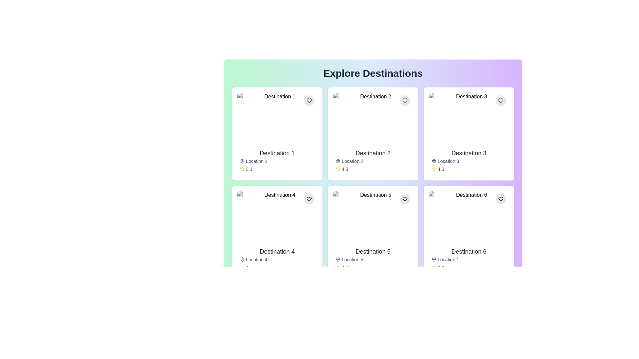  I want to click on the prominent header text displaying 'Explore Destinations' which is styled in bold, large-sized font, located at the top-center of the page, so click(373, 73).